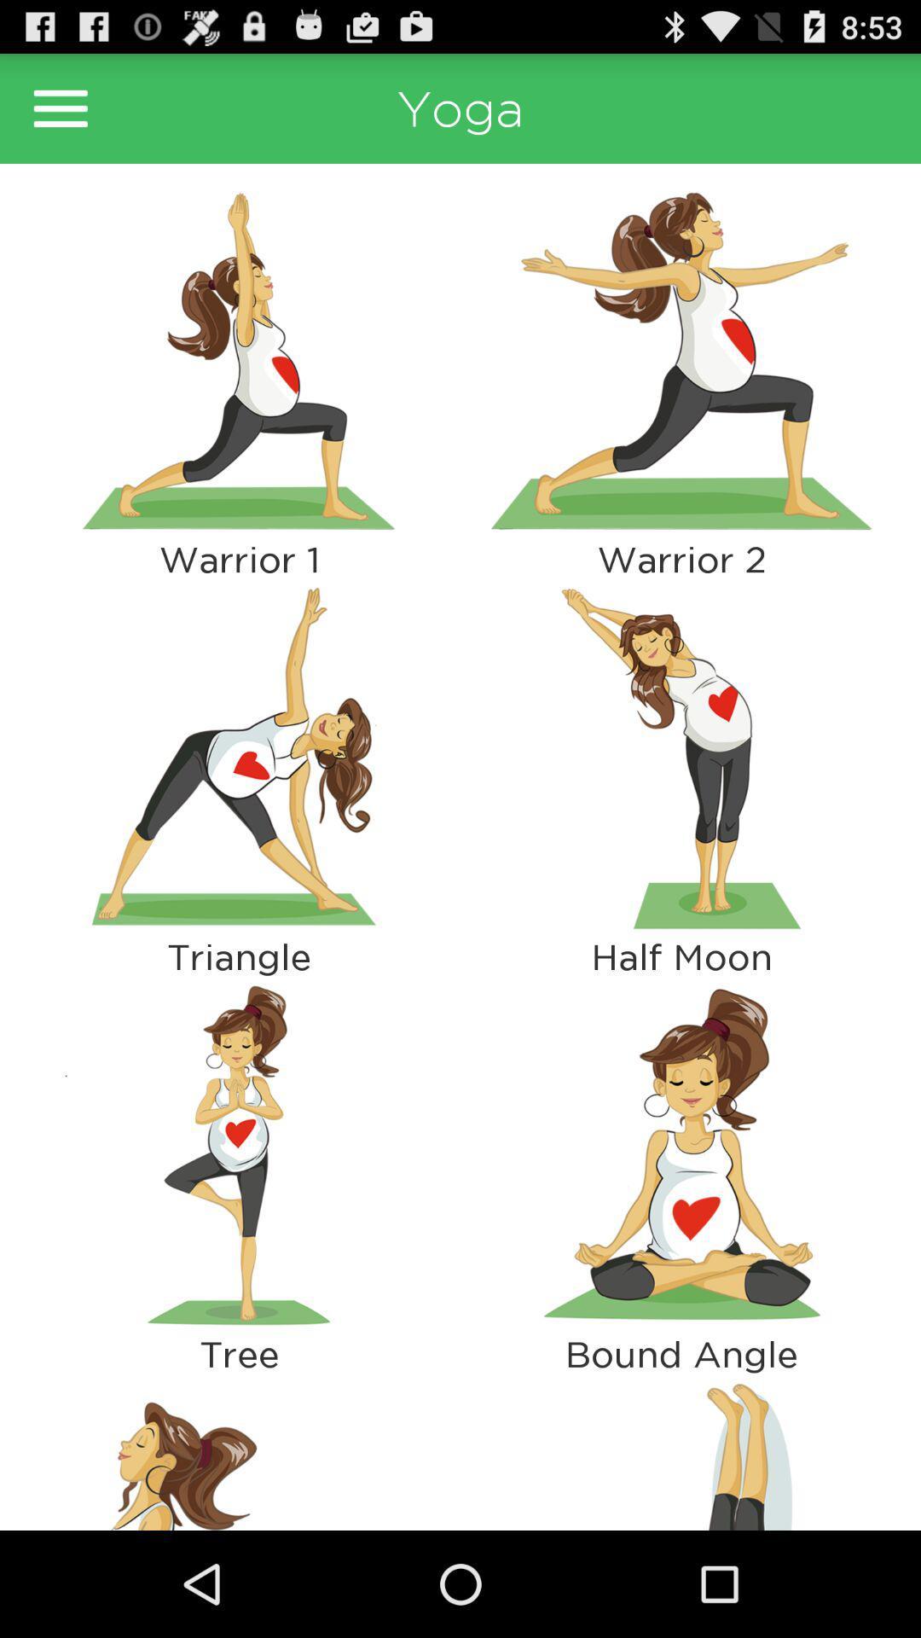  I want to click on the app next to the bound angle, so click(239, 1451).